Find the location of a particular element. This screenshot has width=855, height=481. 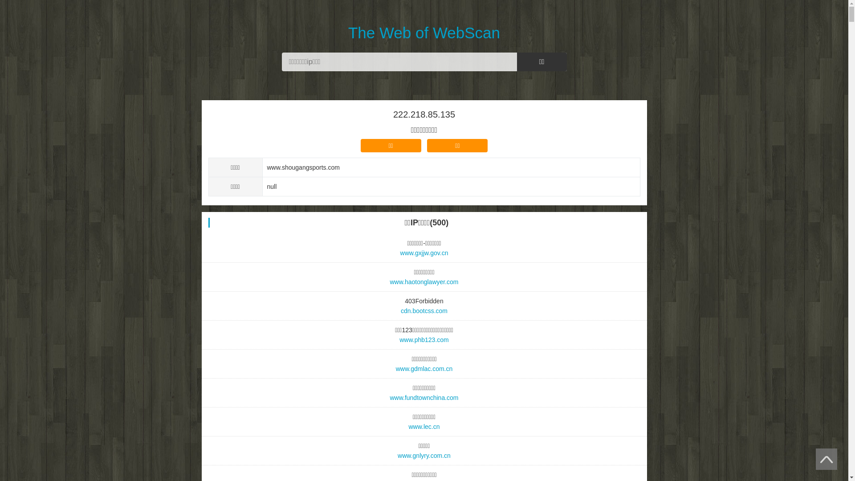

'www.gnlyry.com.cn' is located at coordinates (424, 455).